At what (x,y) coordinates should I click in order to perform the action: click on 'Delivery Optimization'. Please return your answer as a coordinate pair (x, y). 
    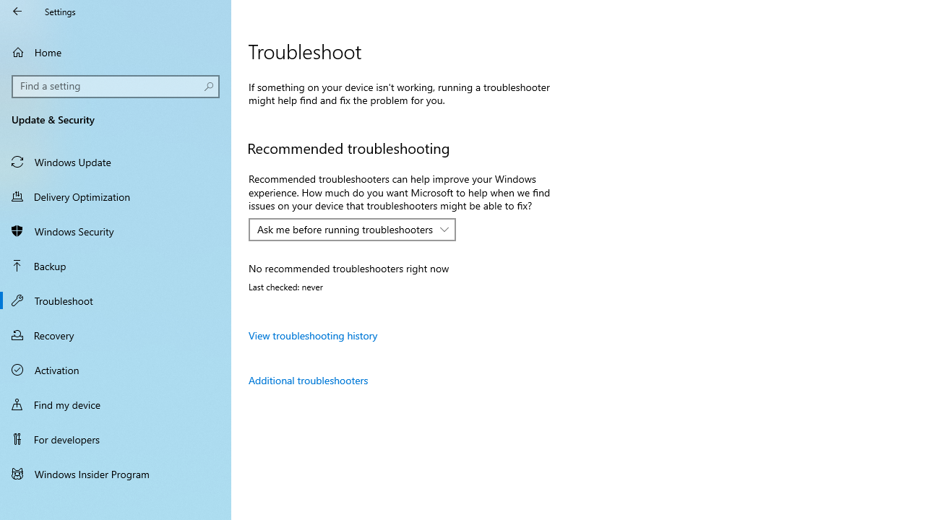
    Looking at the image, I should click on (116, 196).